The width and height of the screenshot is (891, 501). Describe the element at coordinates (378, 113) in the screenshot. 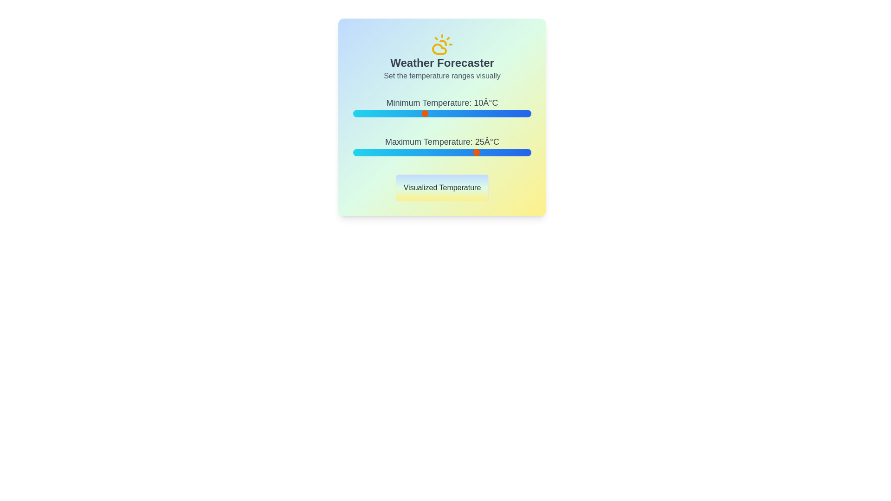

I see `the minimum temperature slider to -3°C` at that location.